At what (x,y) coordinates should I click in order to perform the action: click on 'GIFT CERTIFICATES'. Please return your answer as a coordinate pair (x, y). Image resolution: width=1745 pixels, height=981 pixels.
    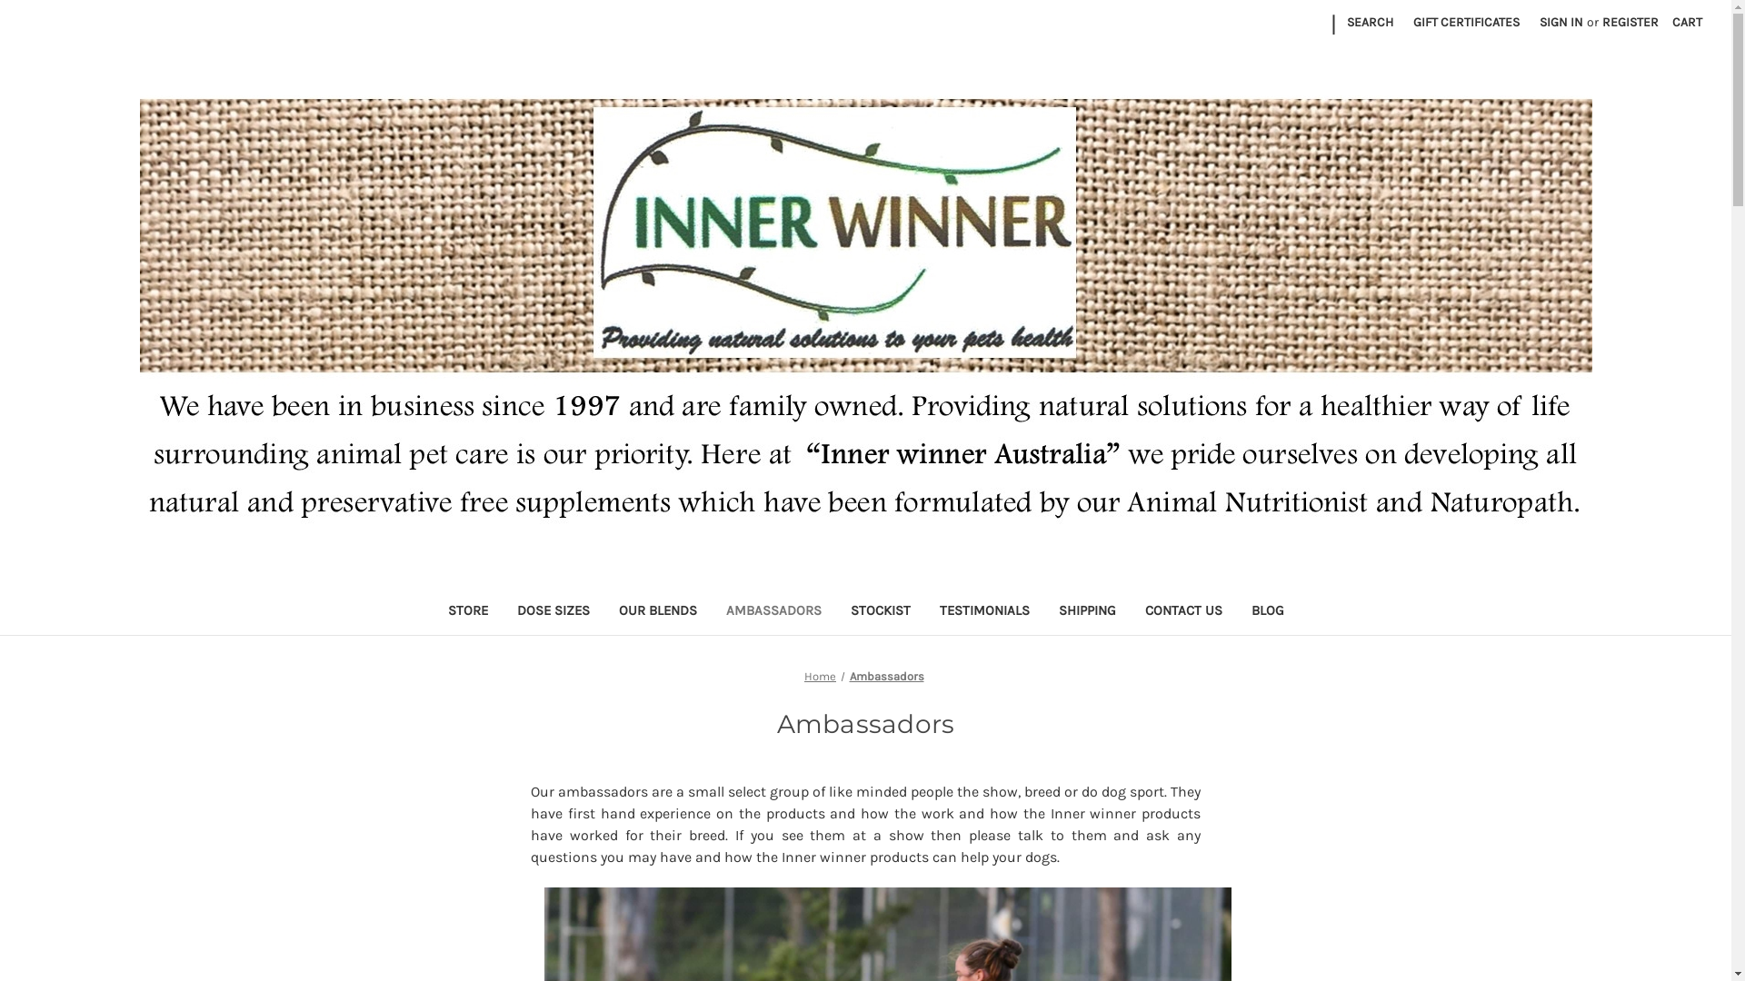
    Looking at the image, I should click on (1466, 22).